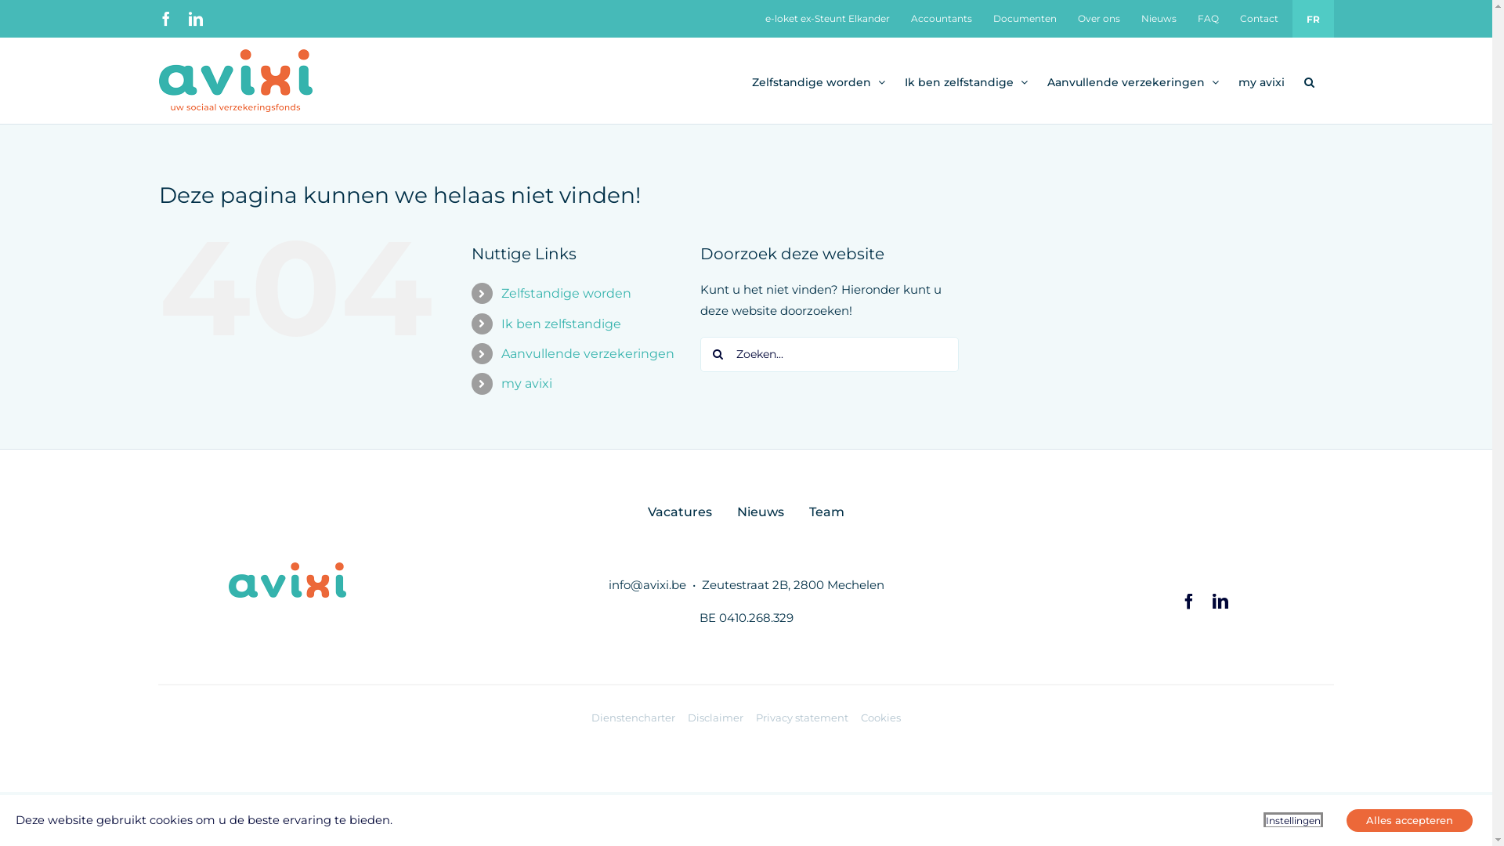 This screenshot has width=1504, height=846. Describe the element at coordinates (760, 512) in the screenshot. I see `'Nieuws'` at that location.